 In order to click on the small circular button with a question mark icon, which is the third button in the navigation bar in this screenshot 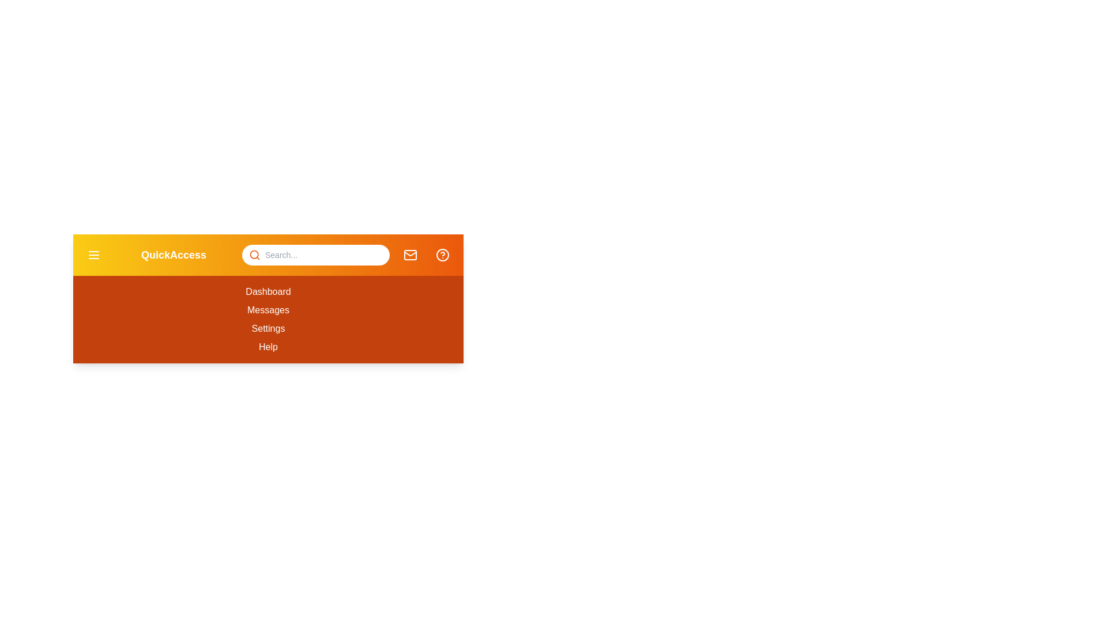, I will do `click(442, 255)`.